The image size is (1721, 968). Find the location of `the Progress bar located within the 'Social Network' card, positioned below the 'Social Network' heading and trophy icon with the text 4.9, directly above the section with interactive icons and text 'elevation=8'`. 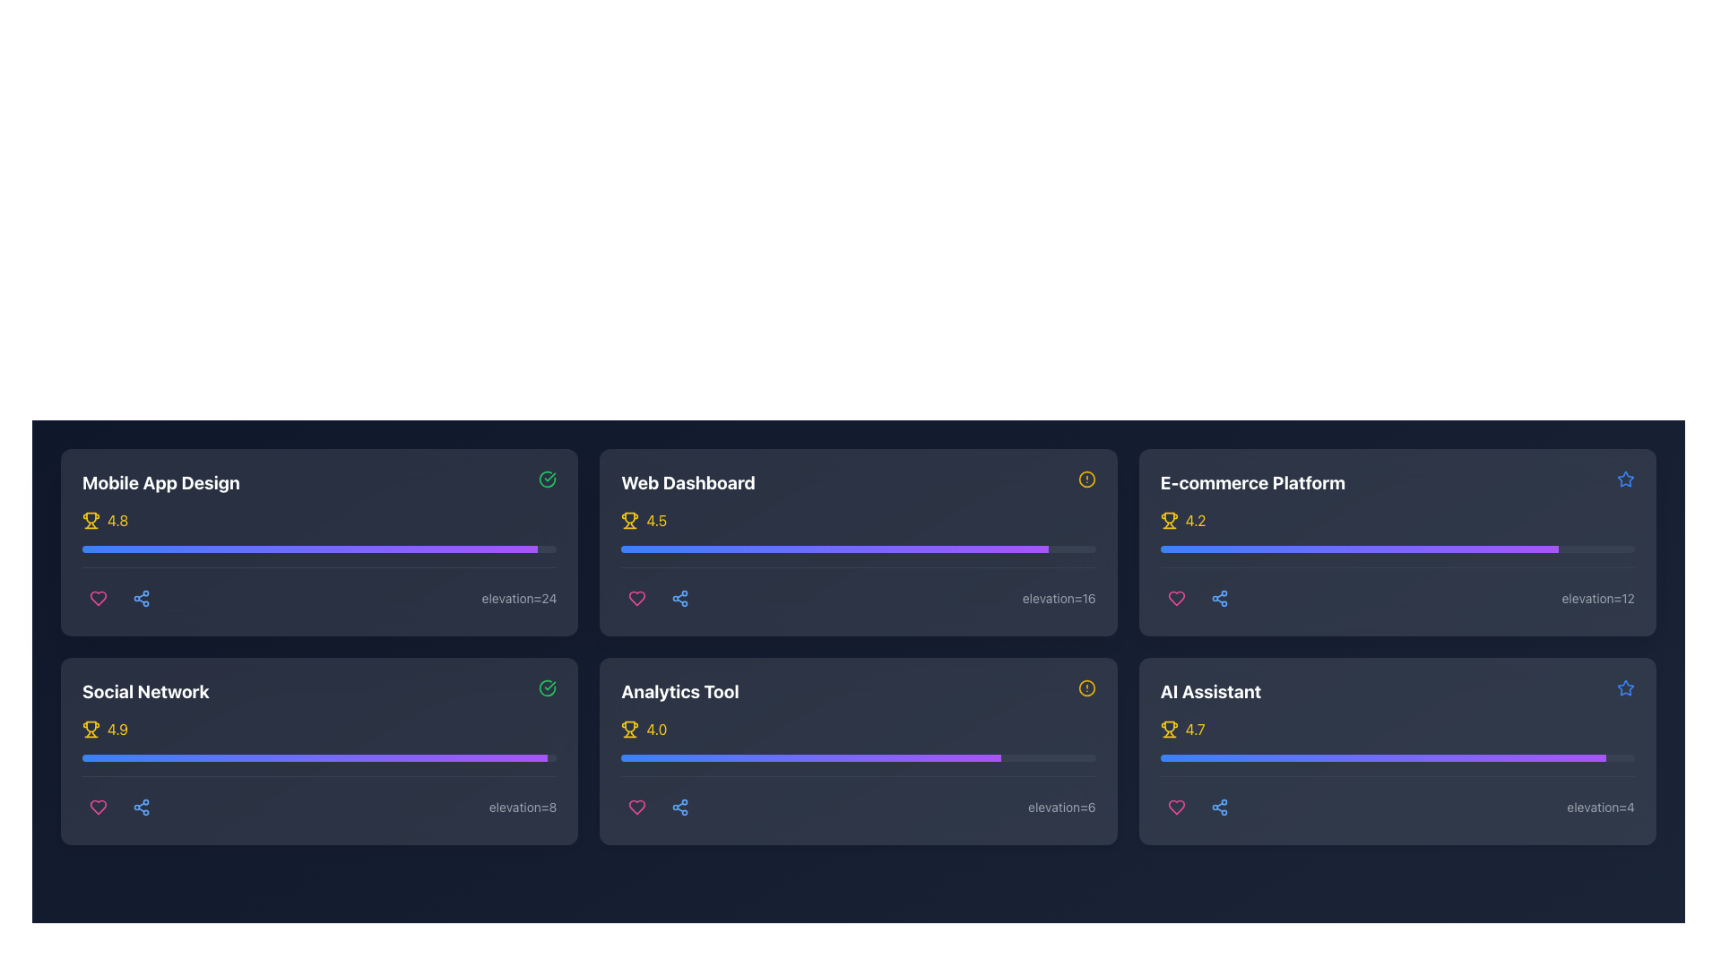

the Progress bar located within the 'Social Network' card, positioned below the 'Social Network' heading and trophy icon with the text 4.9, directly above the section with interactive icons and text 'elevation=8' is located at coordinates (319, 770).